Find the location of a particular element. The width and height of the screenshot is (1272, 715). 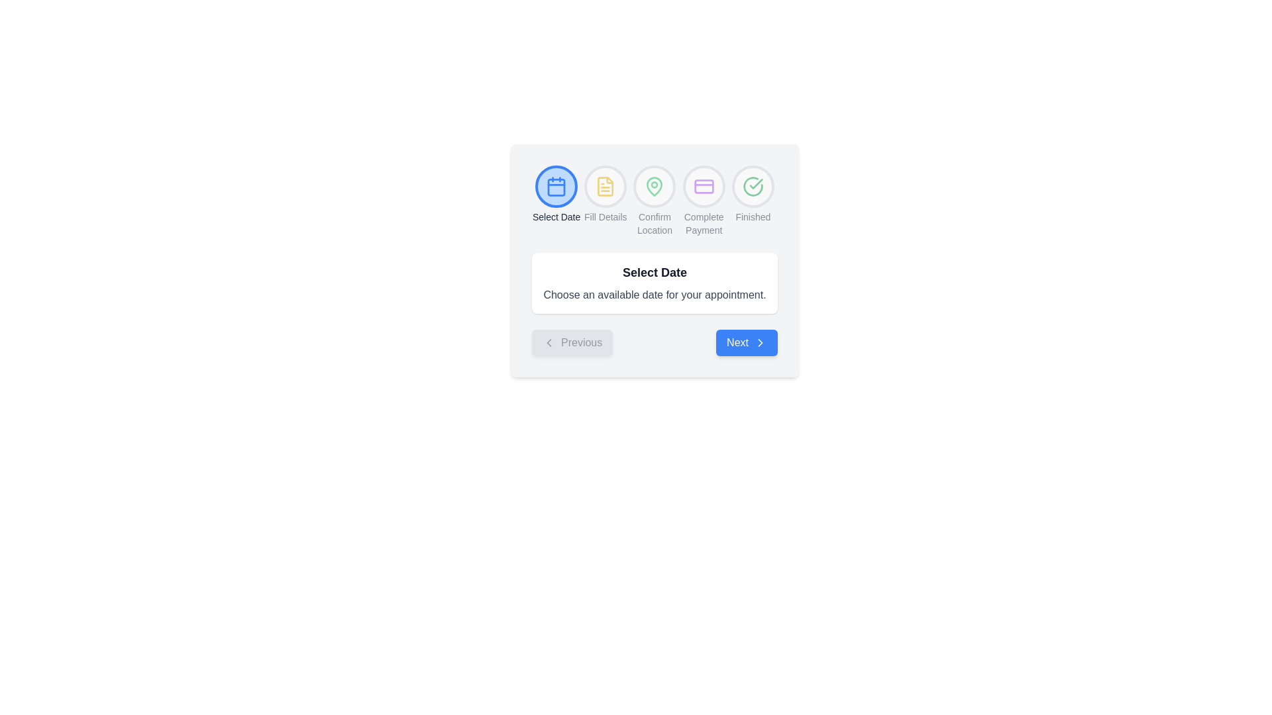

the third icon from the left in the top navigation bar, which serves as a step indicator for confirming the location in a sequential navigation interface is located at coordinates (655, 186).